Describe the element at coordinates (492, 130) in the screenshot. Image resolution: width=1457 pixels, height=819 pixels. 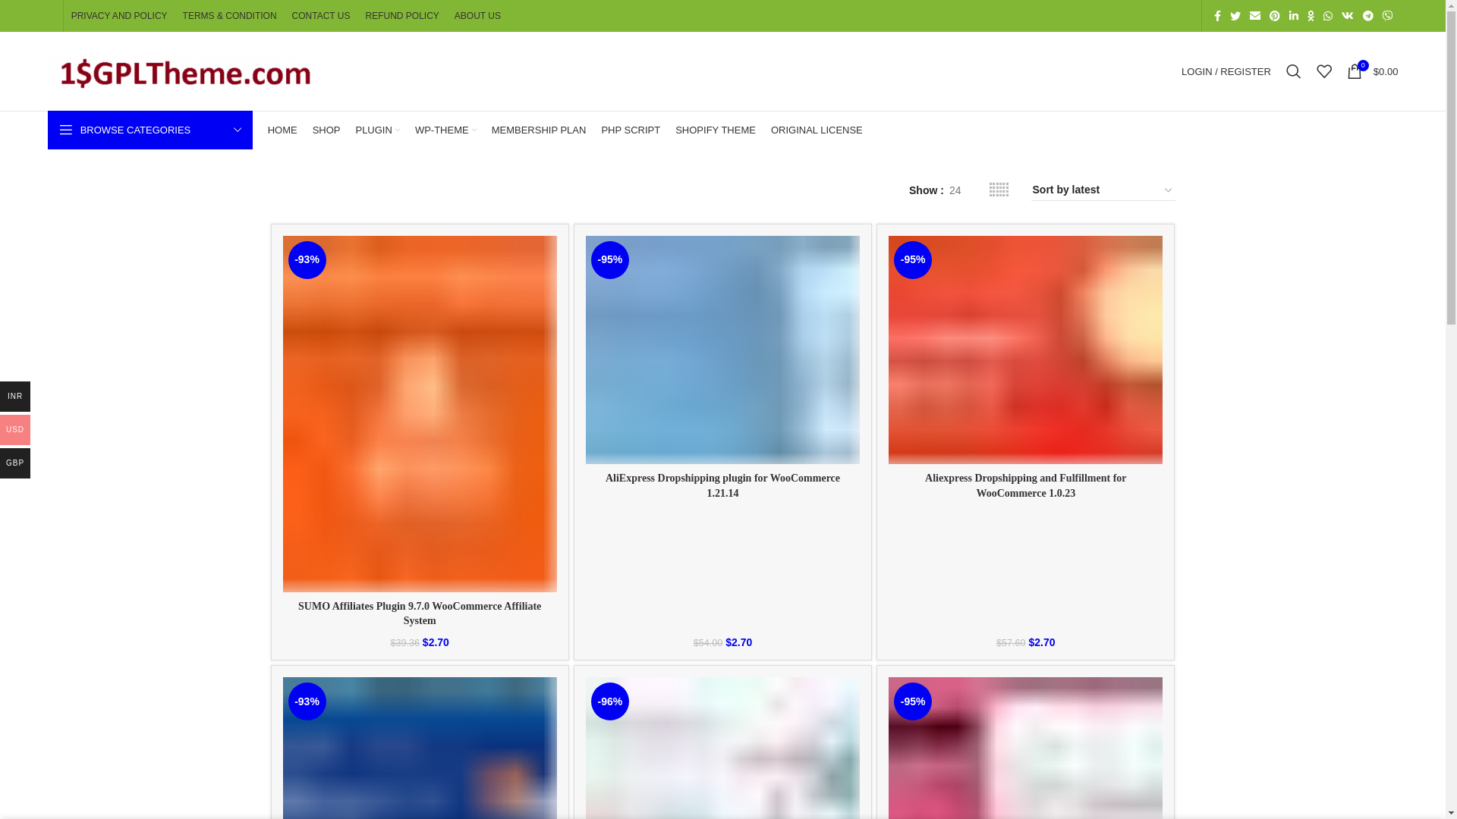
I see `'MEMBERSHIP PLAN'` at that location.